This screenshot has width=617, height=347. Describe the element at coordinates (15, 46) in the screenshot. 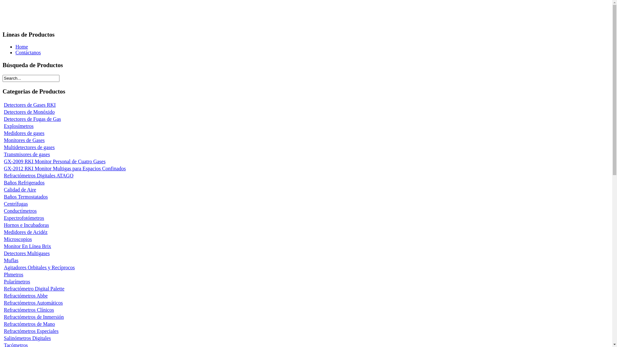

I see `'Home'` at that location.